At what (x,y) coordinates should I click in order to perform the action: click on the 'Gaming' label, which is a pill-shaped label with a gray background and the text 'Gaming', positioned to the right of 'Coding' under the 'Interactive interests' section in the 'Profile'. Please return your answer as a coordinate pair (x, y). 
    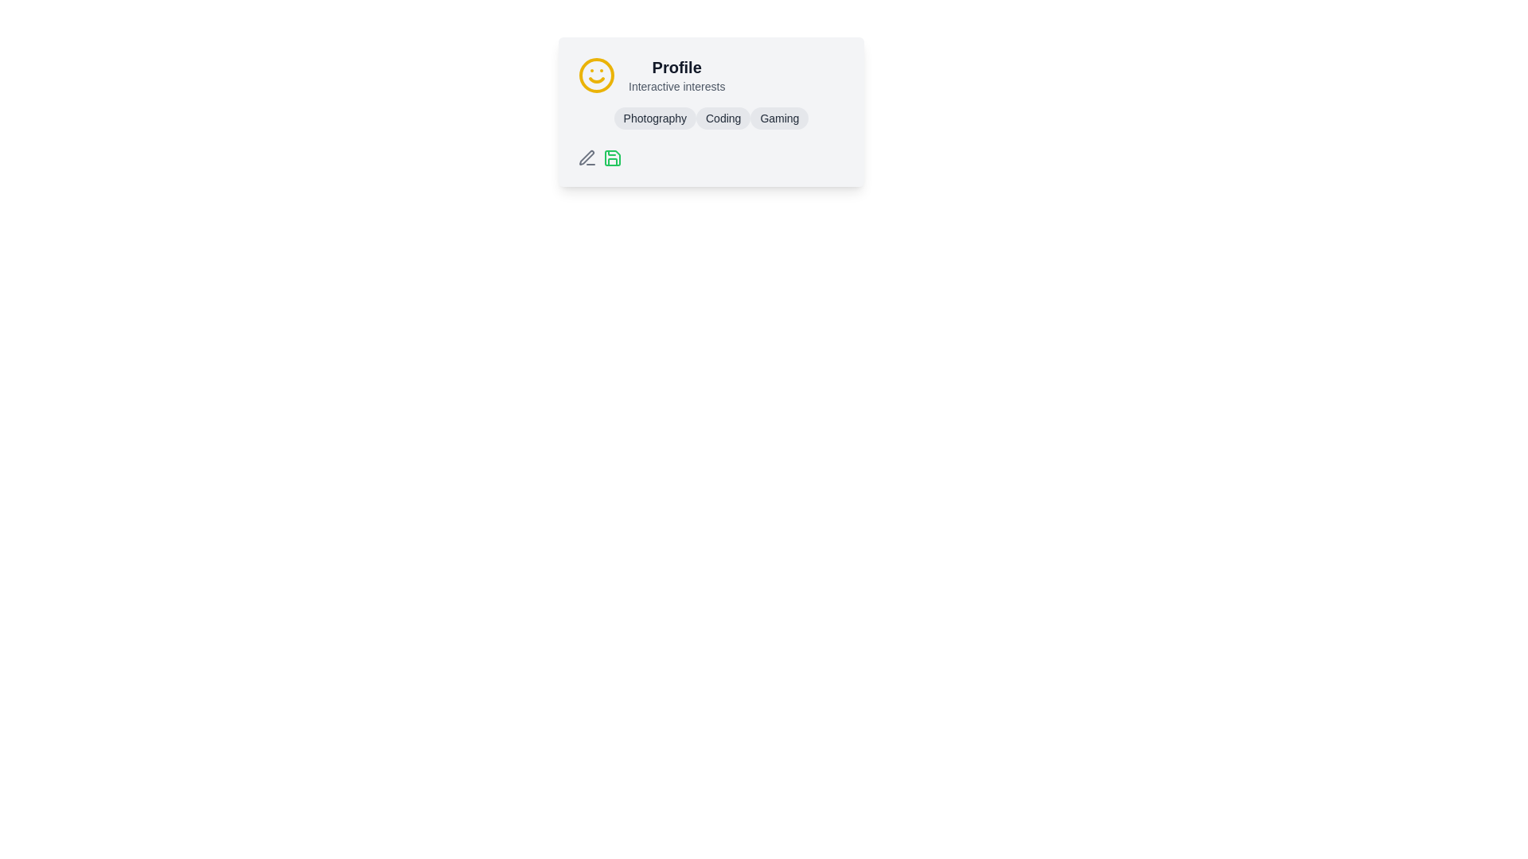
    Looking at the image, I should click on (779, 118).